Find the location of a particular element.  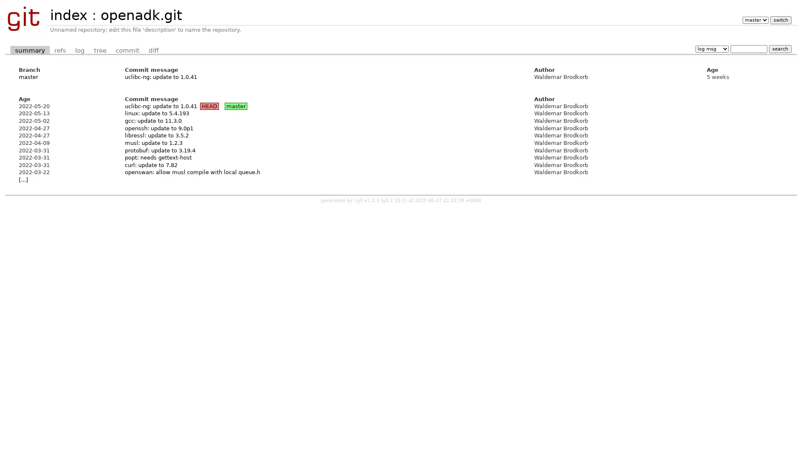

search is located at coordinates (779, 48).